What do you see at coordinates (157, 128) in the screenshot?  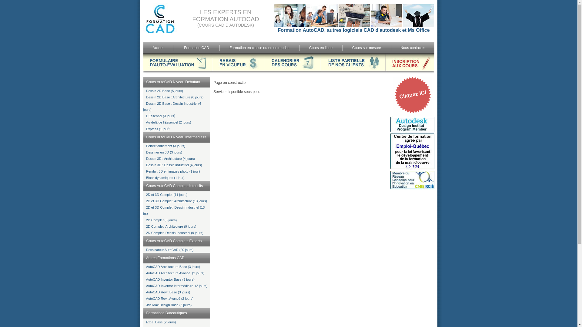 I see `'Express (1 jour'` at bounding box center [157, 128].